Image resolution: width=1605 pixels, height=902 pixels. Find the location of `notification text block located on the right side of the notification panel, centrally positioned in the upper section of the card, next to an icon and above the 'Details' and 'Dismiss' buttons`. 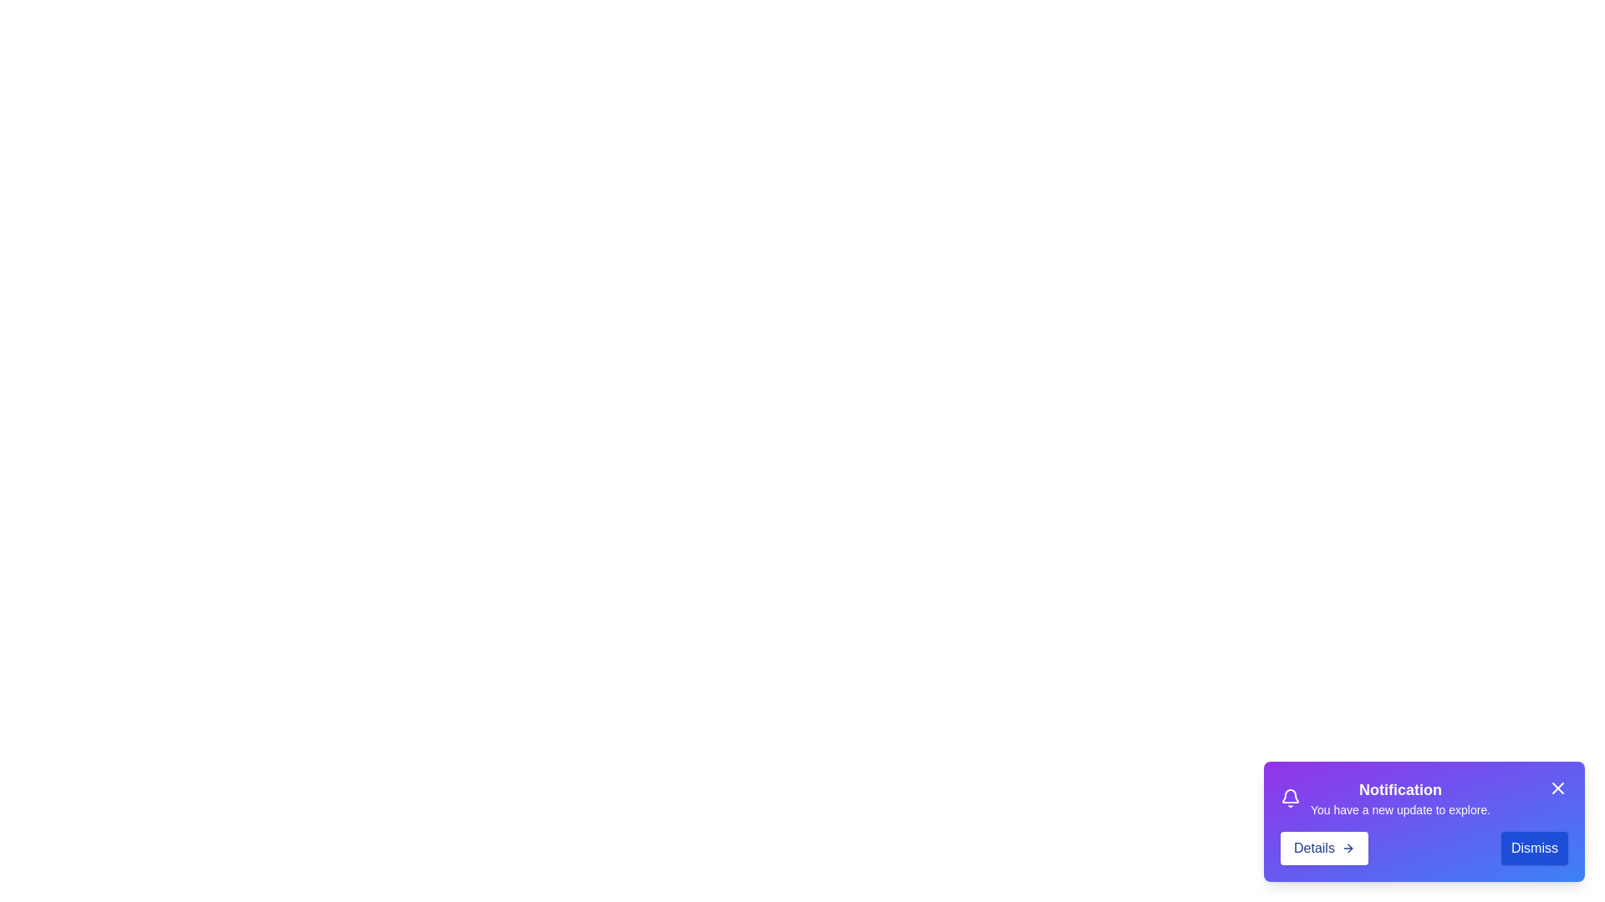

notification text block located on the right side of the notification panel, centrally positioned in the upper section of the card, next to an icon and above the 'Details' and 'Dismiss' buttons is located at coordinates (1400, 798).